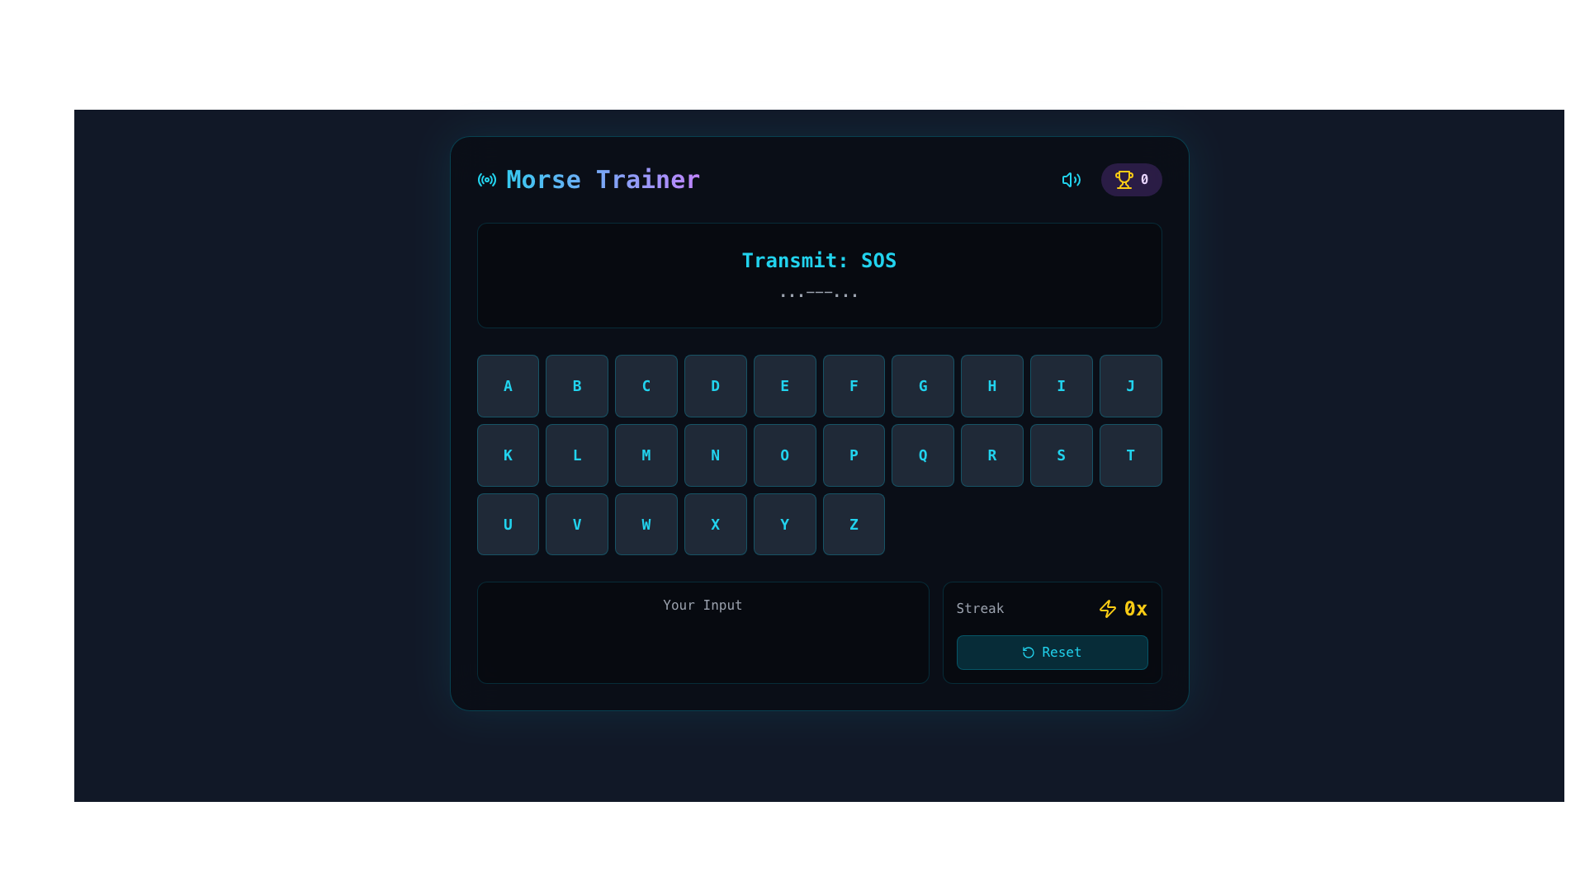  Describe the element at coordinates (1143, 180) in the screenshot. I see `numerical value displayed in the Text Display located to the right of the trophy icon in the top right area of the interface` at that location.